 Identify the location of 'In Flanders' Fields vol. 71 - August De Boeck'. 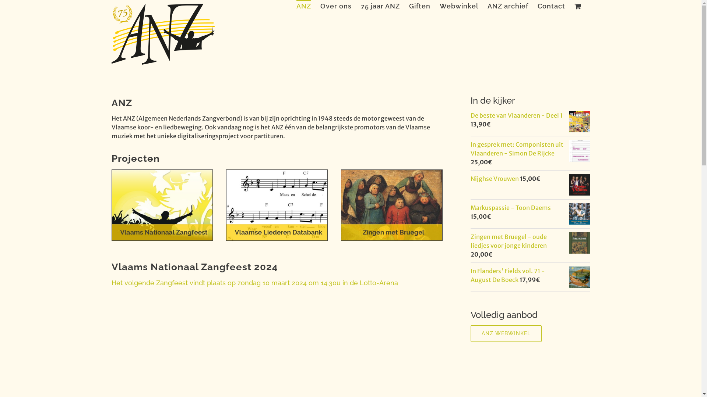
(507, 275).